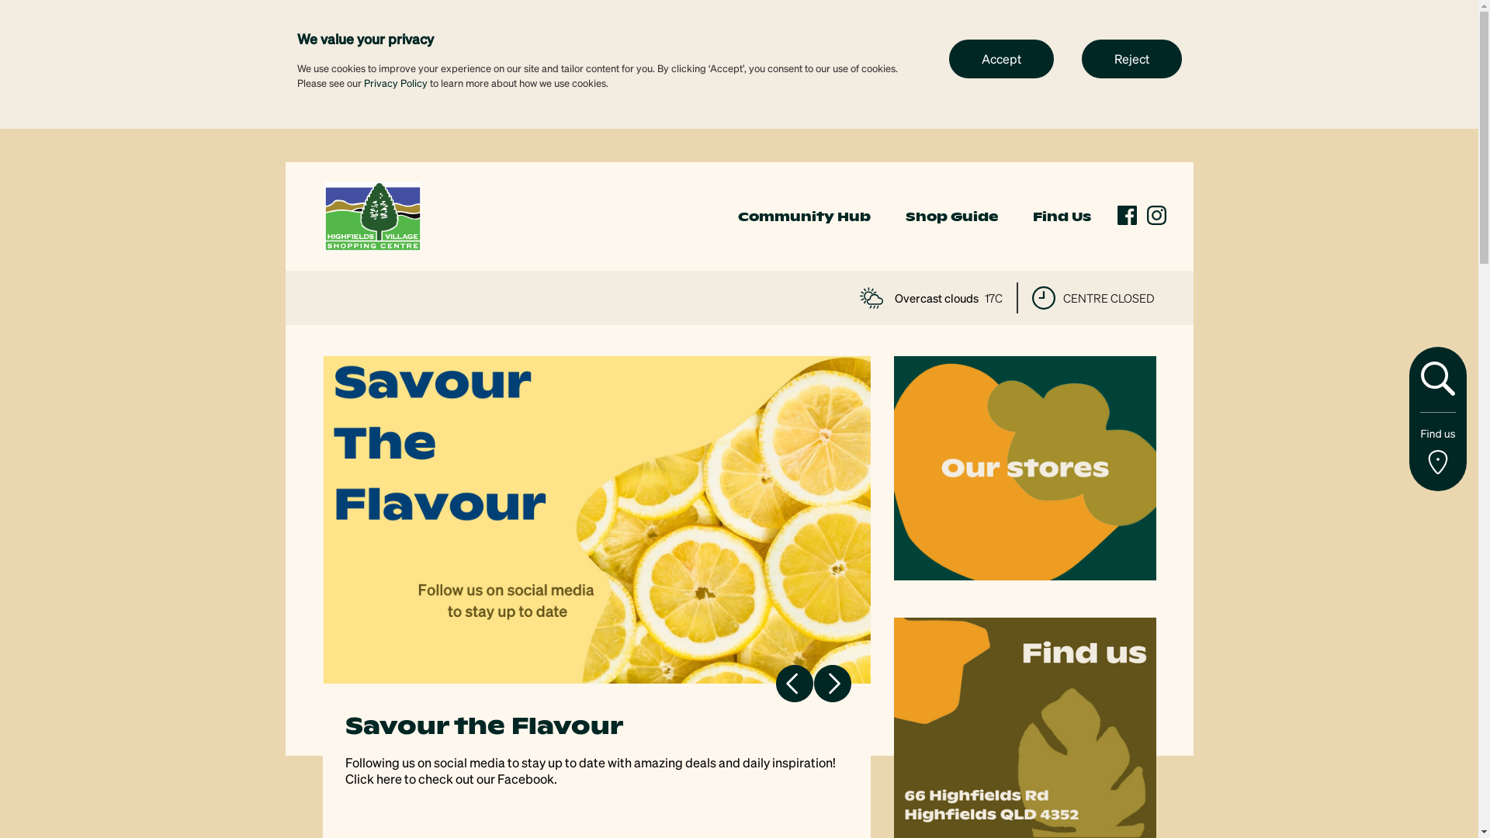 Image resolution: width=1490 pixels, height=838 pixels. I want to click on 'Find Us', so click(1060, 216).